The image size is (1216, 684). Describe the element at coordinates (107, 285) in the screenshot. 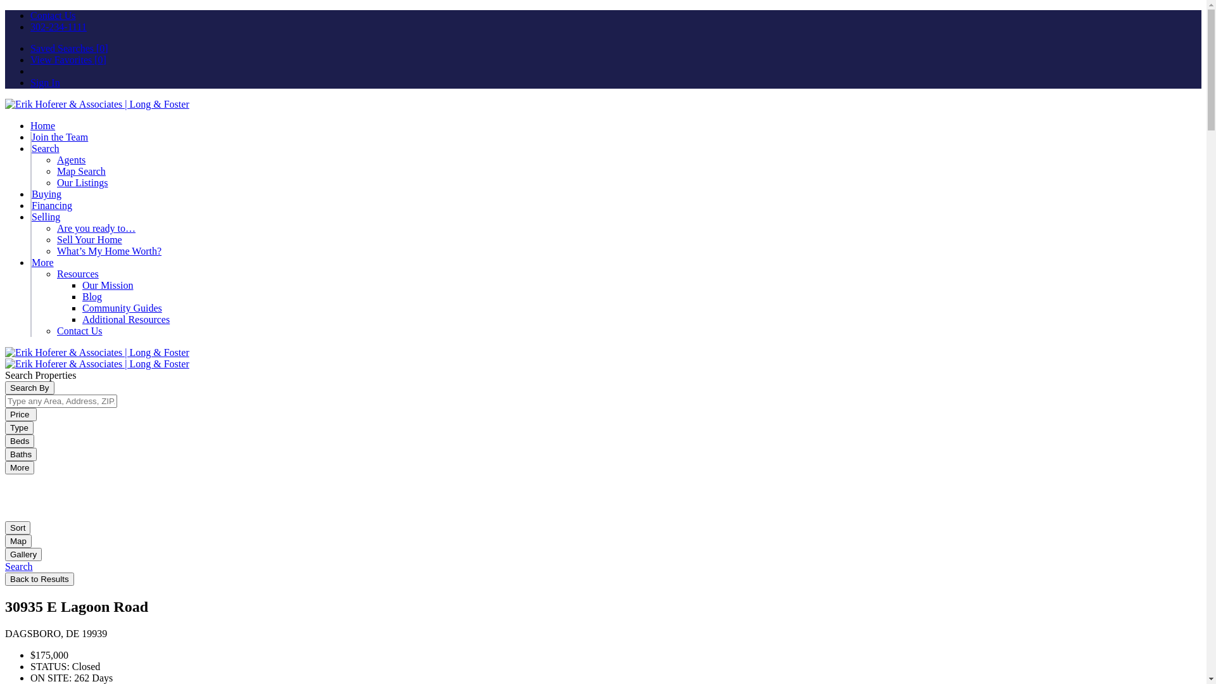

I see `'Our Mission'` at that location.